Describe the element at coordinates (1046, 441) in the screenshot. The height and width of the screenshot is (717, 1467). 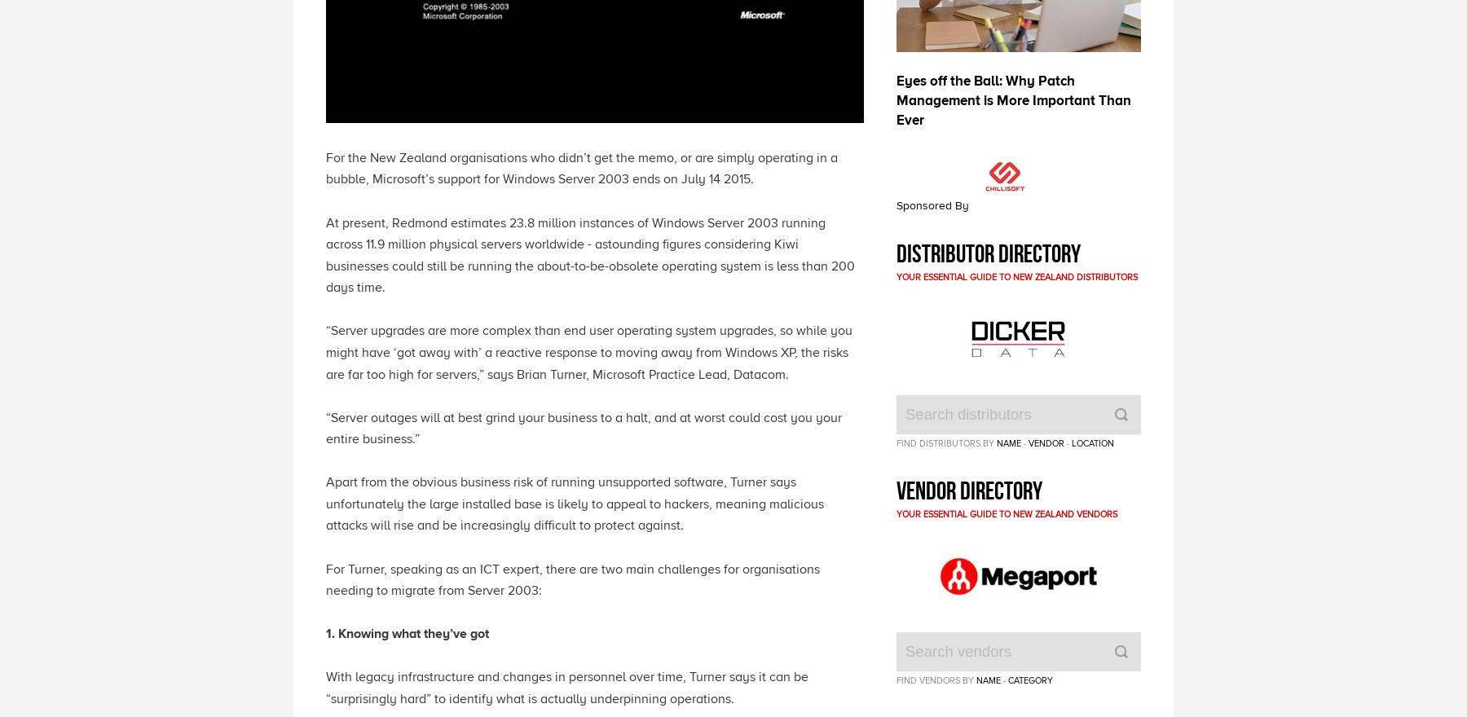
I see `'vendor'` at that location.